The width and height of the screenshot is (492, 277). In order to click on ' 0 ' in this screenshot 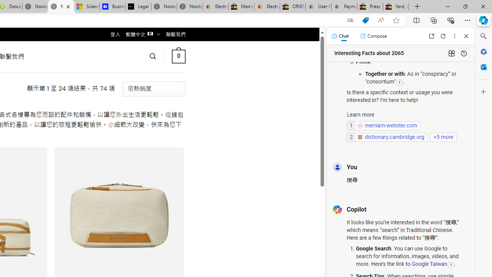, I will do `click(178, 56)`.